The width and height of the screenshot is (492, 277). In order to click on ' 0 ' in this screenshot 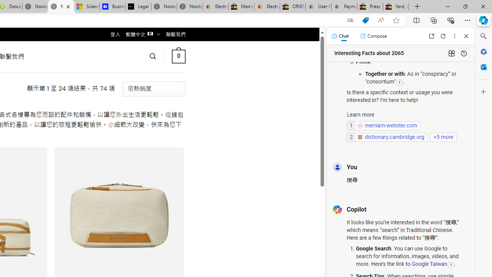, I will do `click(178, 56)`.